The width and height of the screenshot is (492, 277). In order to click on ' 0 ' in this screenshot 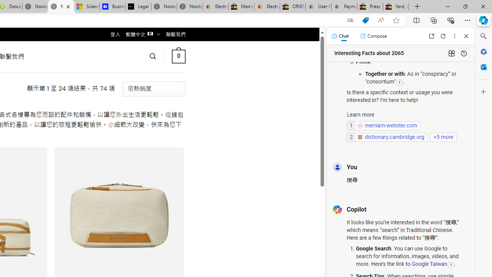, I will do `click(178, 56)`.